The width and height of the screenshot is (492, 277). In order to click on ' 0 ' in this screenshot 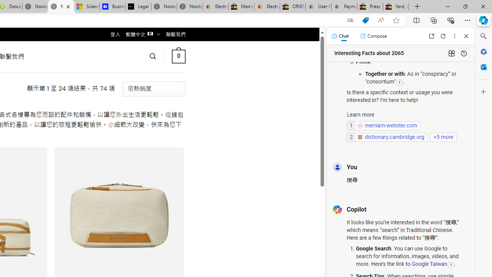, I will do `click(178, 56)`.